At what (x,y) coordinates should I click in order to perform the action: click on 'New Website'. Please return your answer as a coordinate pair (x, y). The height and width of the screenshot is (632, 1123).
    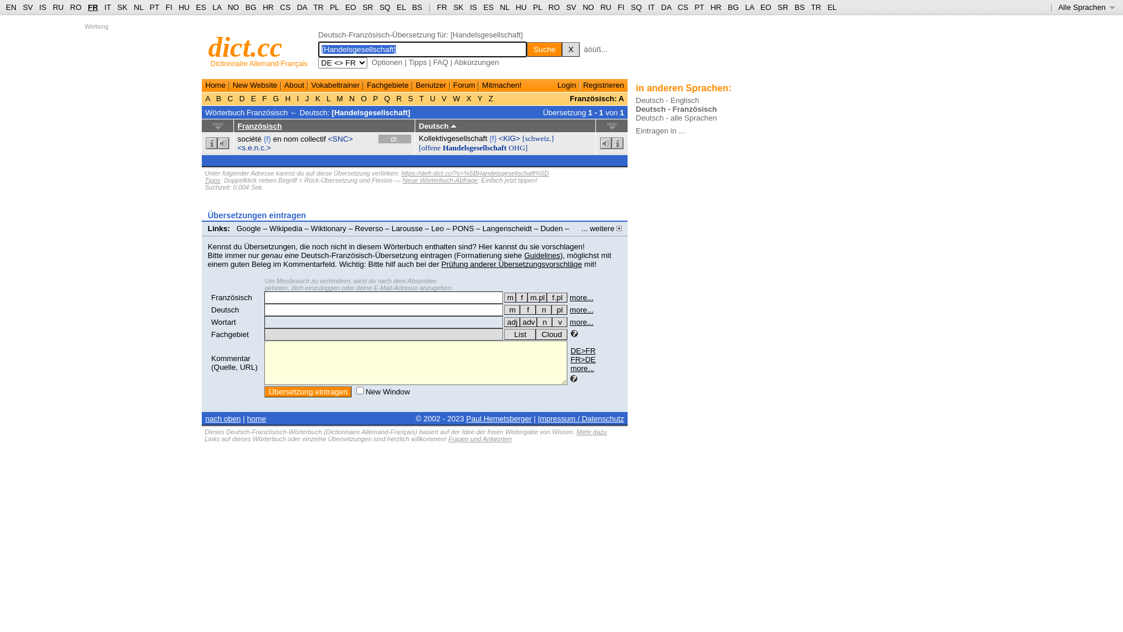
    Looking at the image, I should click on (254, 84).